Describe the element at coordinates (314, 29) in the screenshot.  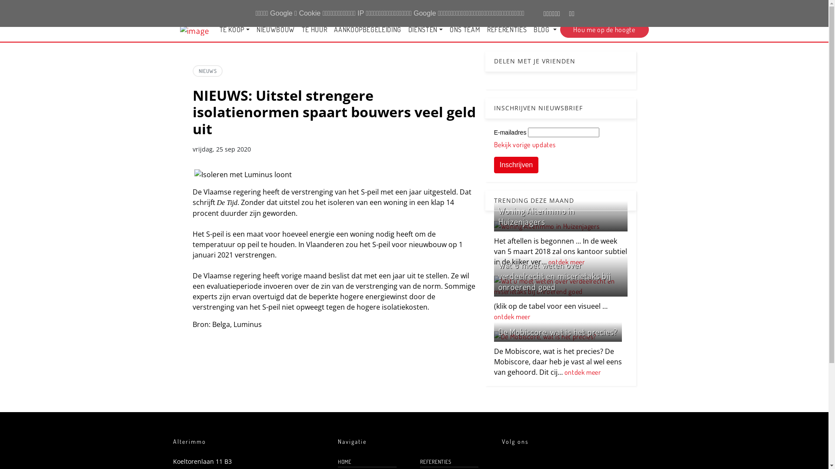
I see `'TE HUUR'` at that location.